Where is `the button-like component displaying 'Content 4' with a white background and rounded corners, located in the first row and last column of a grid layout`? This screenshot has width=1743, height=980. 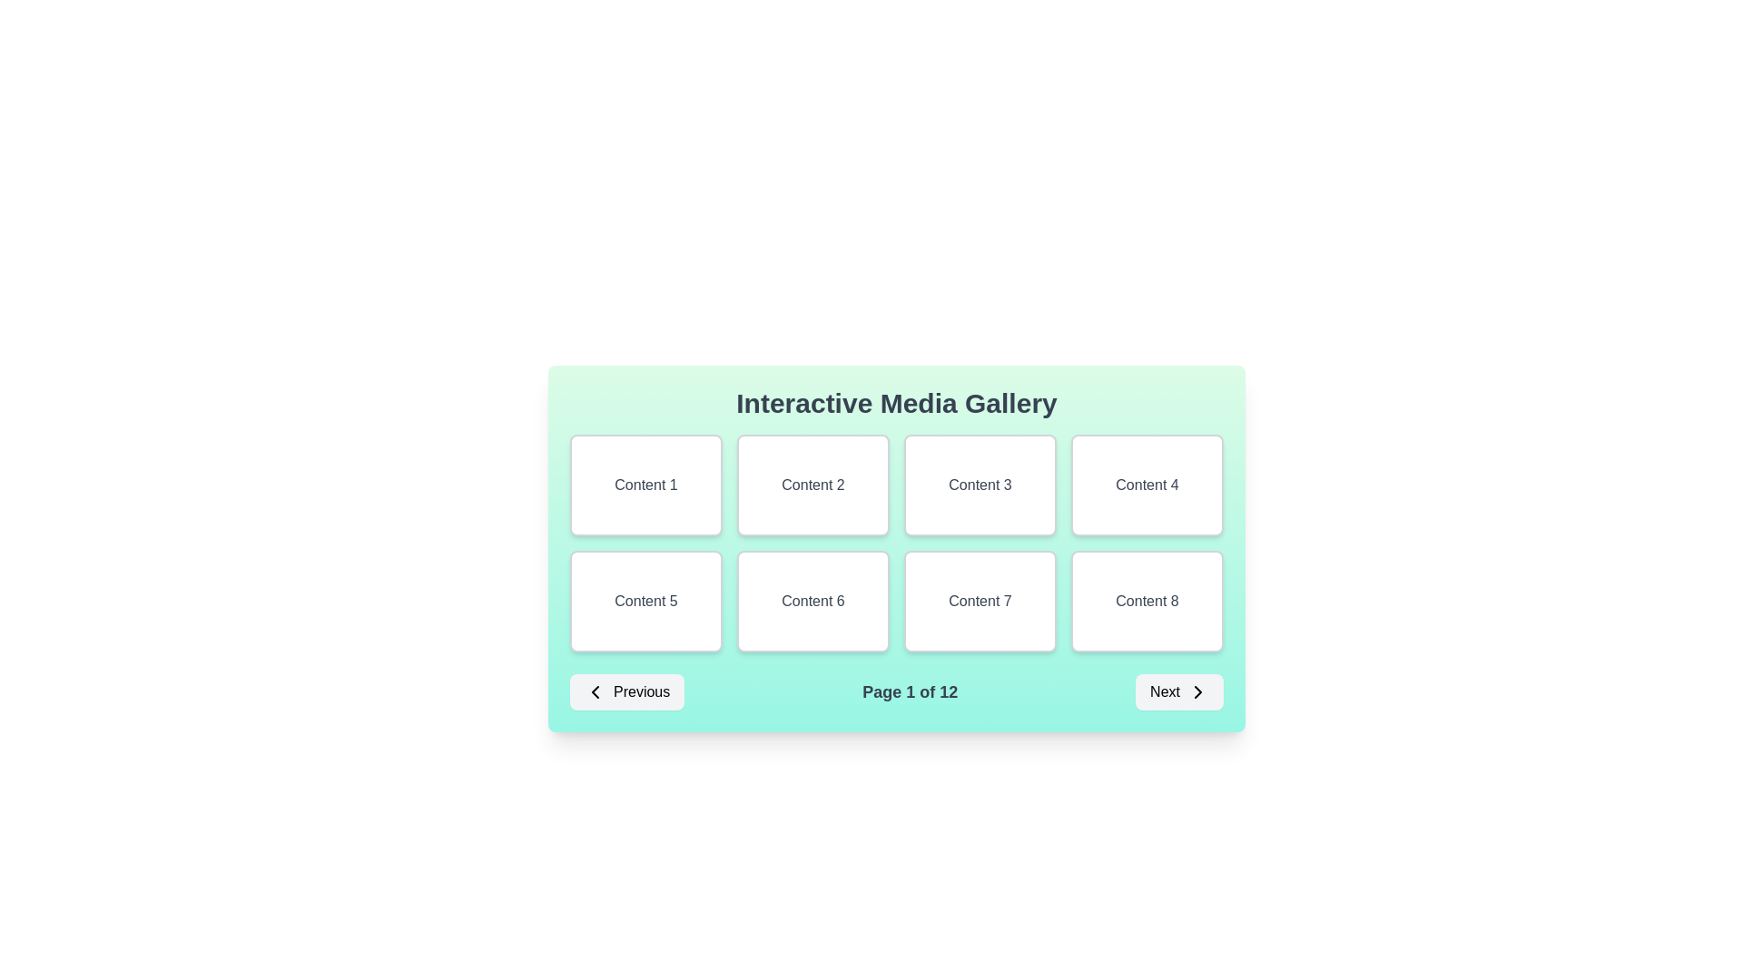
the button-like component displaying 'Content 4' with a white background and rounded corners, located in the first row and last column of a grid layout is located at coordinates (1146, 485).